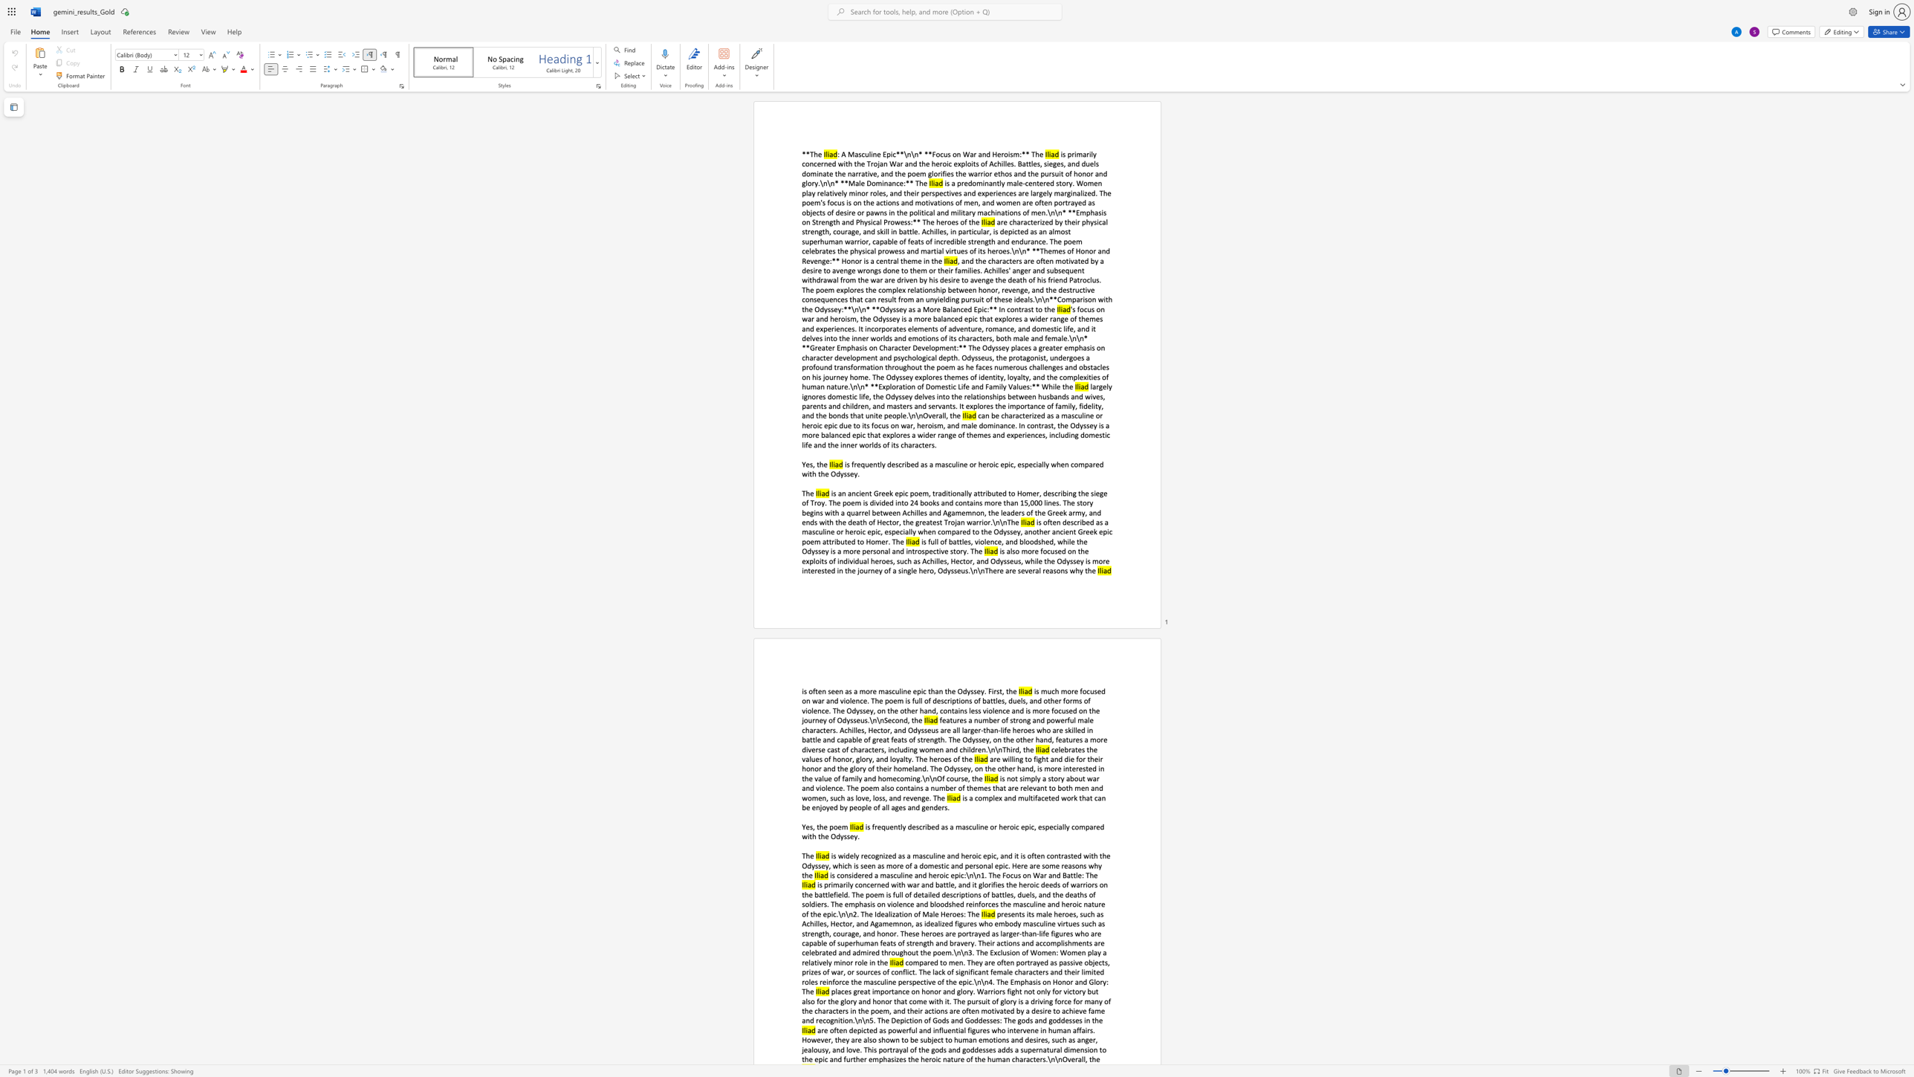 This screenshot has height=1077, width=1914. I want to click on the subset text "and" within the text "features a number of strong and powerful male characters. Achilles, Hector, and Odysseus are all larger-than-life heroes who are skilled in battle and capable of great feats of strength. The Odyssey, on the other hand, features a more diverse cast of characters, including women and children.\n\nThird, the", so click(944, 748).